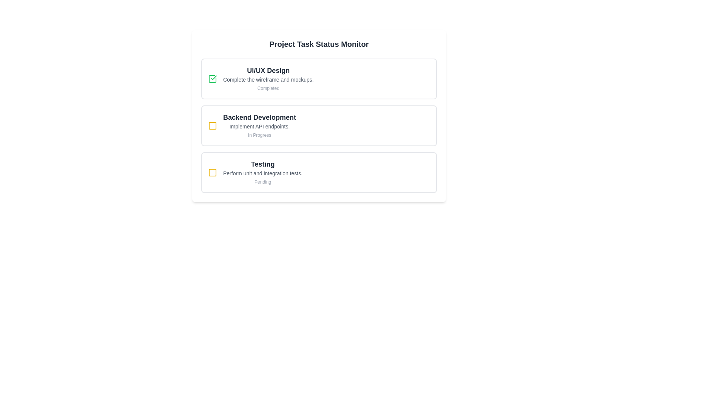 The height and width of the screenshot is (408, 725). What do you see at coordinates (263, 182) in the screenshot?
I see `the static text label indicating the task status as 'Pending', which is located beneath the text 'Perform unit and integration tests.'` at bounding box center [263, 182].